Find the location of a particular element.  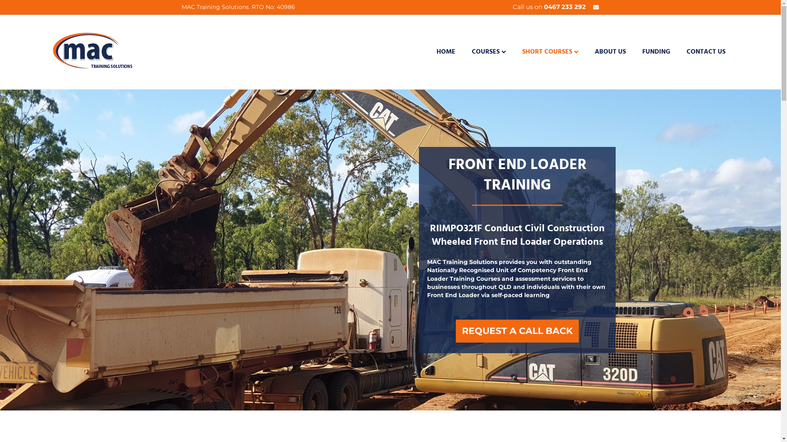

'COURSES' is located at coordinates (464, 52).